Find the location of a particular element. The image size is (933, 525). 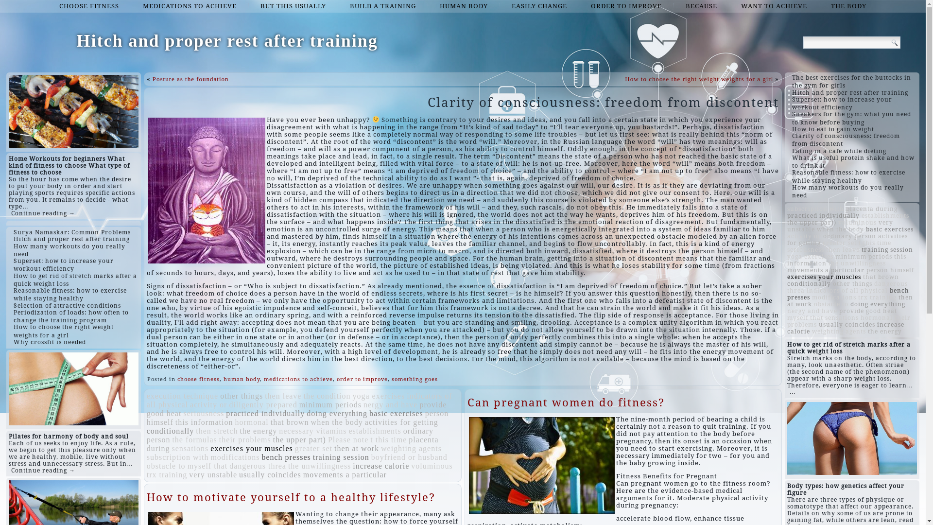

'Please note' is located at coordinates (348, 439).